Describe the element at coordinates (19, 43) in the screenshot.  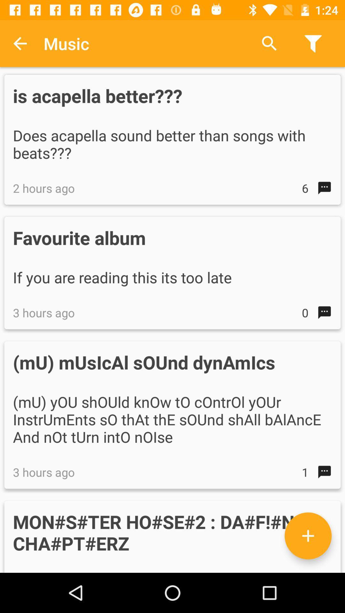
I see `app next to the music icon` at that location.